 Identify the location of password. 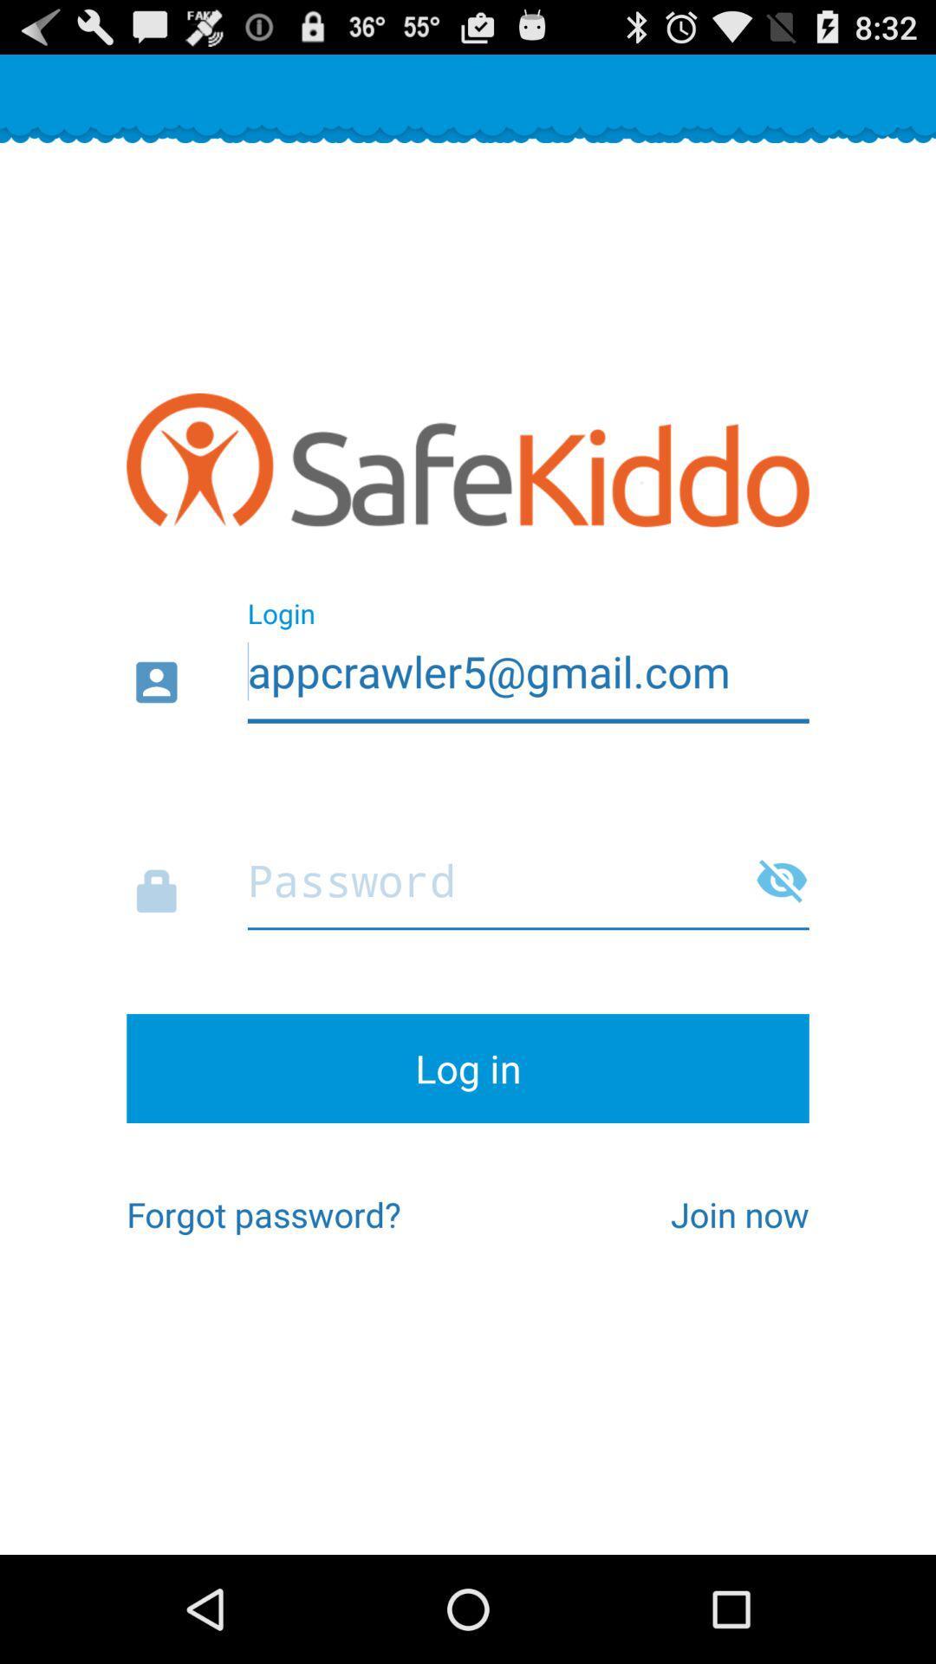
(468, 875).